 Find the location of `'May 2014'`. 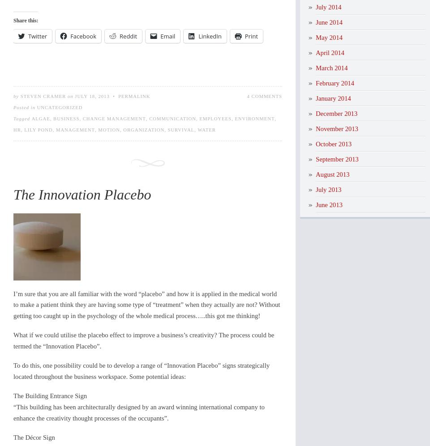

'May 2014' is located at coordinates (328, 36).